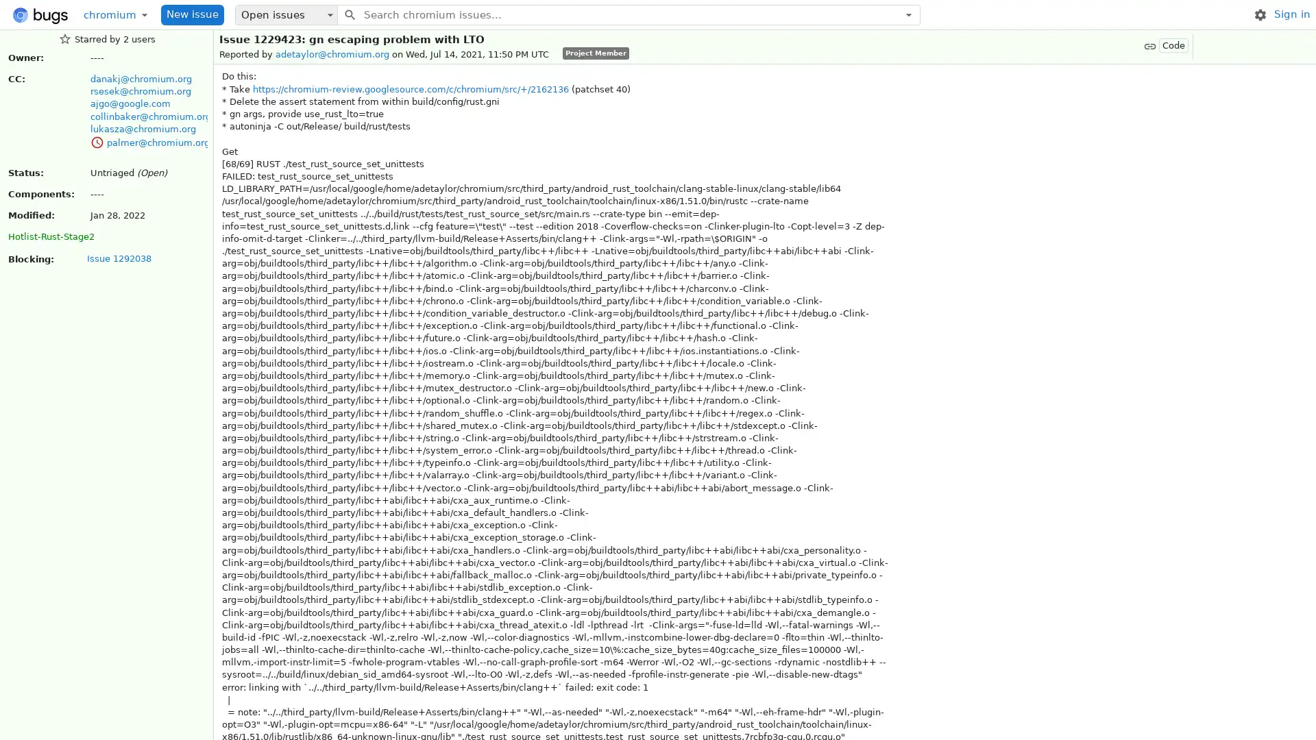 This screenshot has height=740, width=1316. Describe the element at coordinates (908, 14) in the screenshot. I see `Search options` at that location.